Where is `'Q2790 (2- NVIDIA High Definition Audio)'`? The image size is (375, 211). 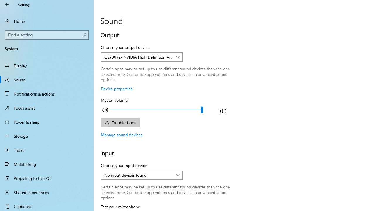 'Q2790 (2- NVIDIA High Definition Audio)' is located at coordinates (138, 57).